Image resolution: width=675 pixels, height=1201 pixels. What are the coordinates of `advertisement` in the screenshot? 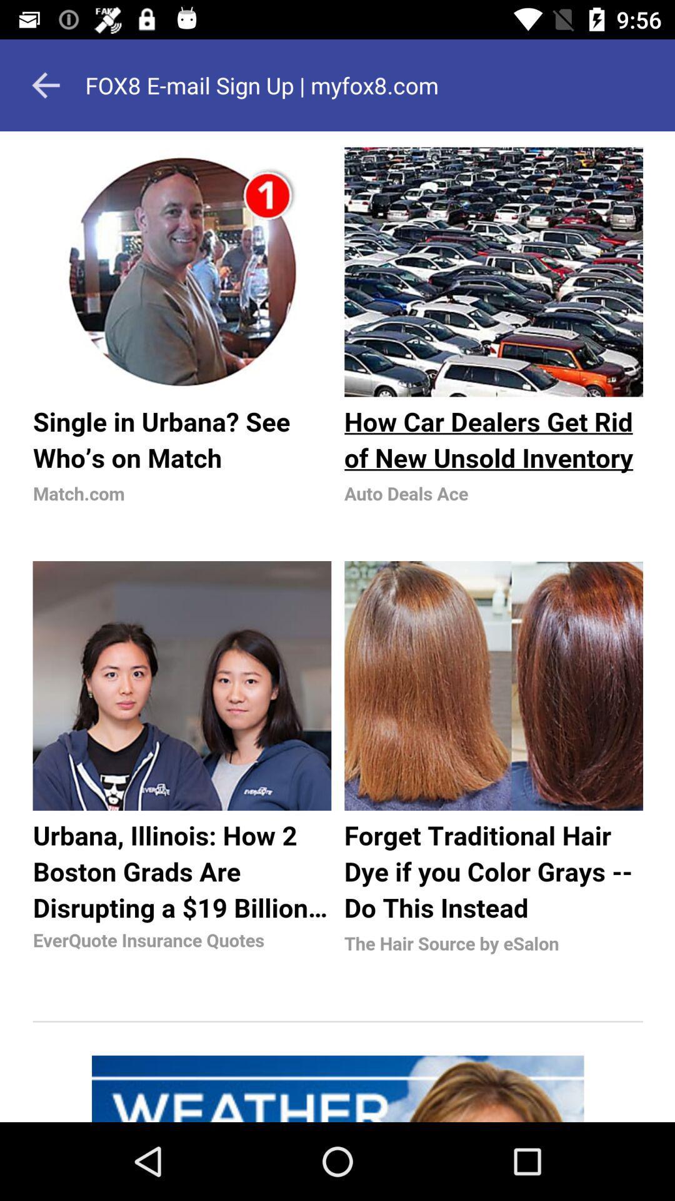 It's located at (337, 627).